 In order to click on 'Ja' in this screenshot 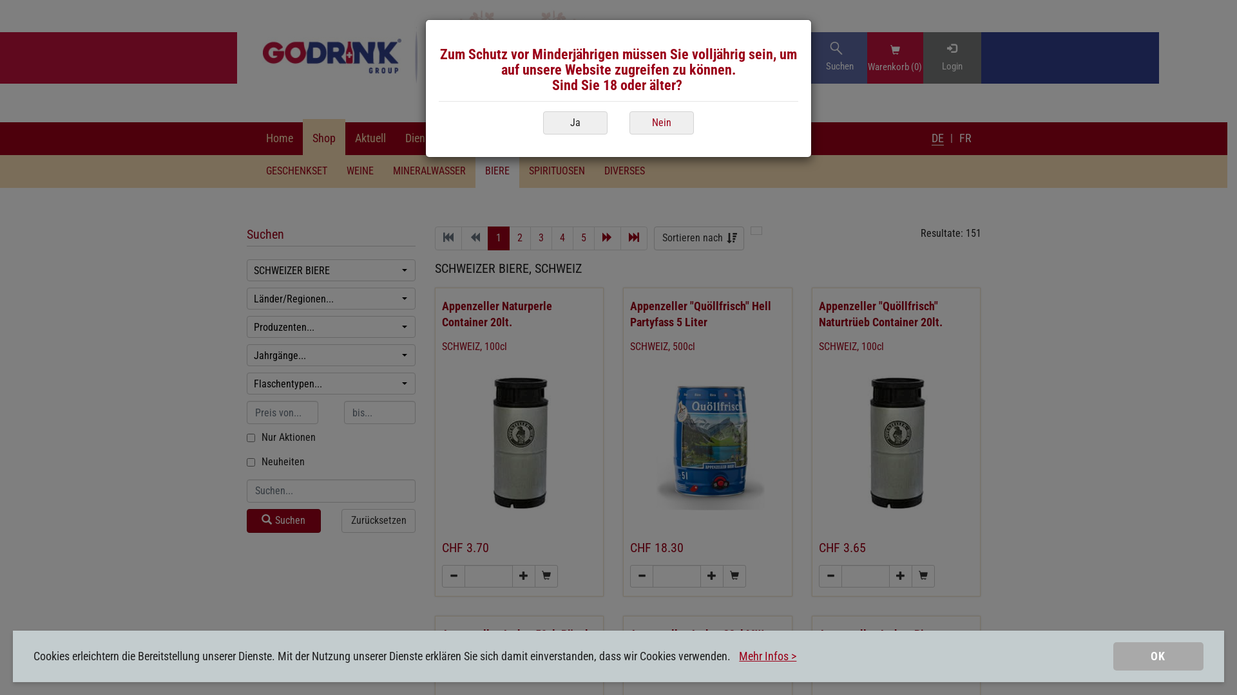, I will do `click(574, 123)`.